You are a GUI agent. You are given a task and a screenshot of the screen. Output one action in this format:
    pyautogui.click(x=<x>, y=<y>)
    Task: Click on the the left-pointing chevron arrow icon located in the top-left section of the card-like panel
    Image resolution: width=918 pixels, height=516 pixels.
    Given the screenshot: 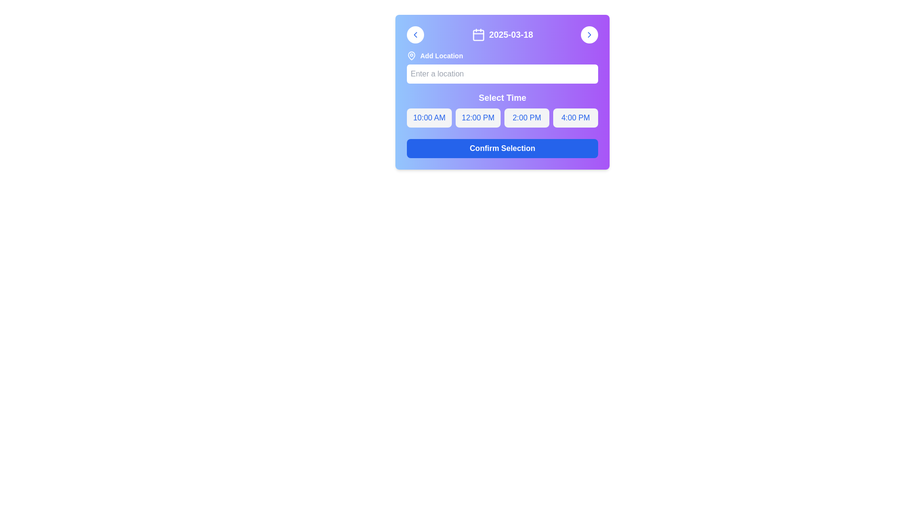 What is the action you would take?
    pyautogui.click(x=415, y=34)
    